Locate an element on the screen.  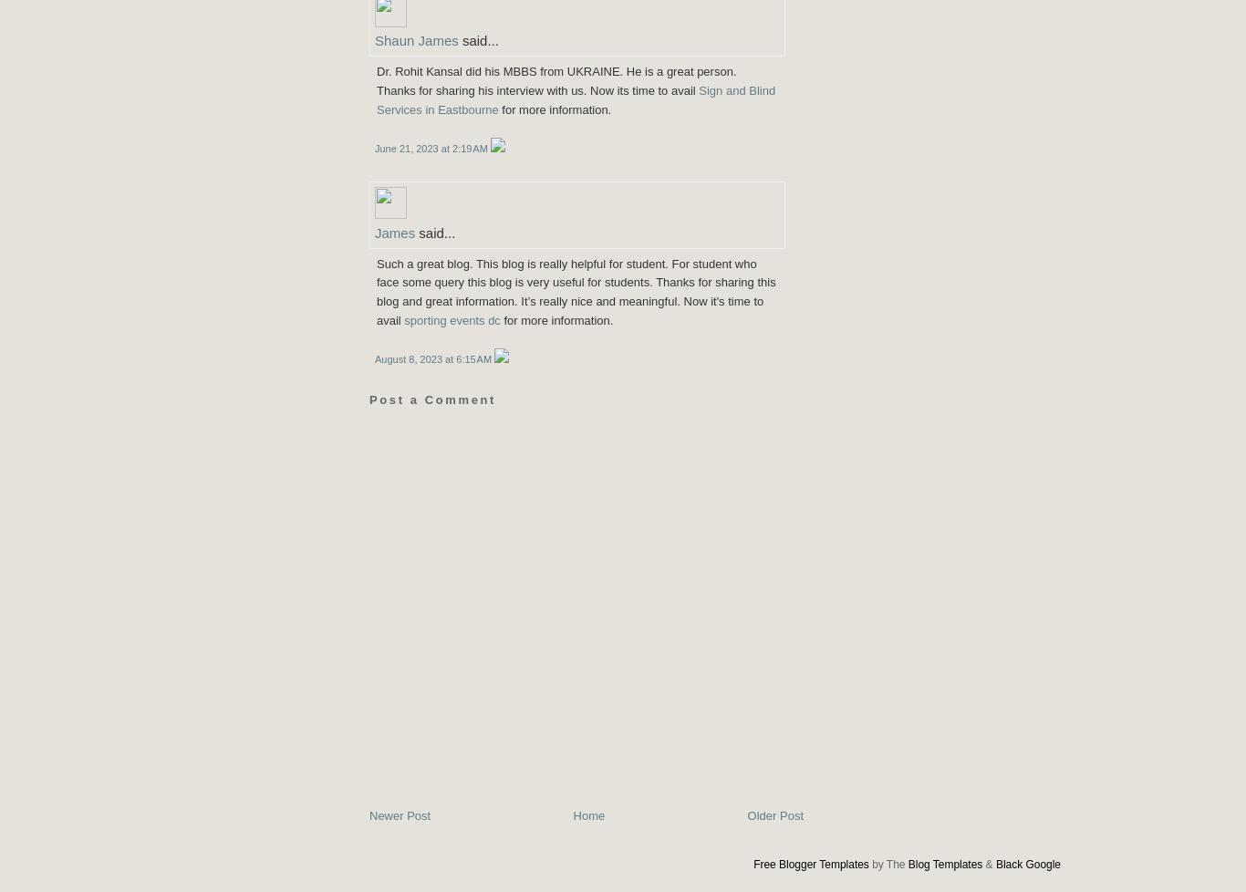
'Home' is located at coordinates (587, 814).